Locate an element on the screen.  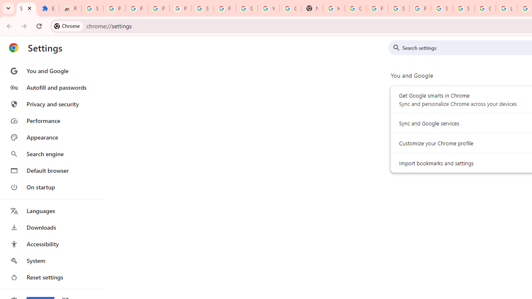
'Search engine' is located at coordinates (51, 154).